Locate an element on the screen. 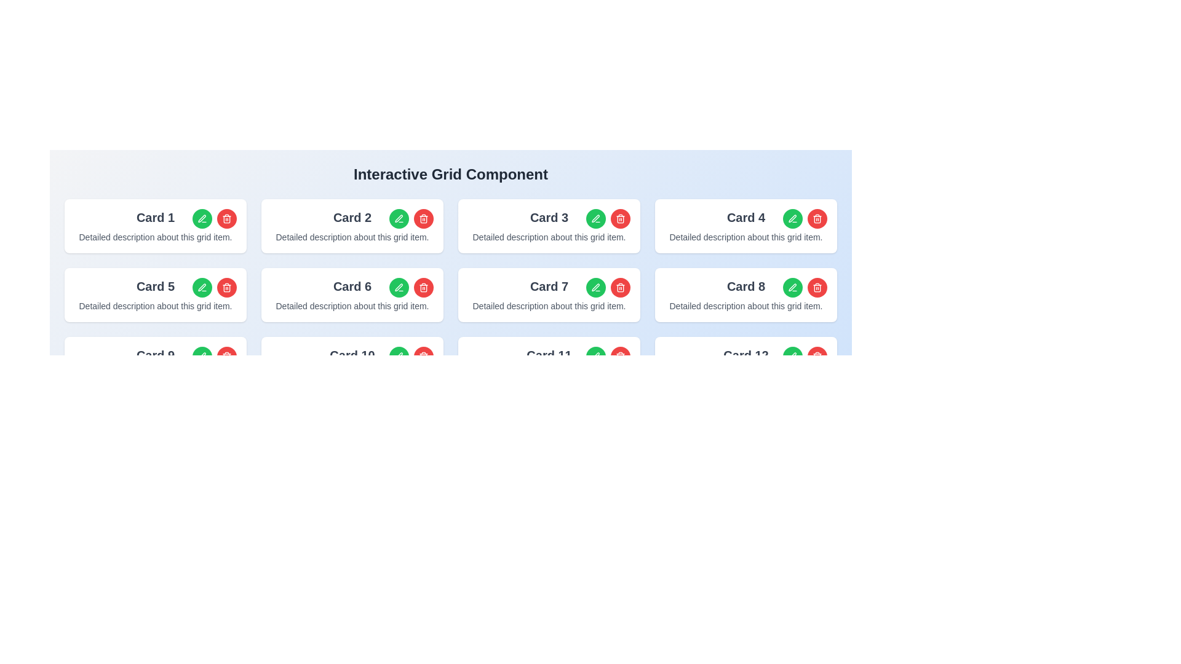 The width and height of the screenshot is (1181, 664). the body section of the trash bin icon, which is part of the SVG graphic located at the top-right corner of 'Card 10' is located at coordinates (424, 357).